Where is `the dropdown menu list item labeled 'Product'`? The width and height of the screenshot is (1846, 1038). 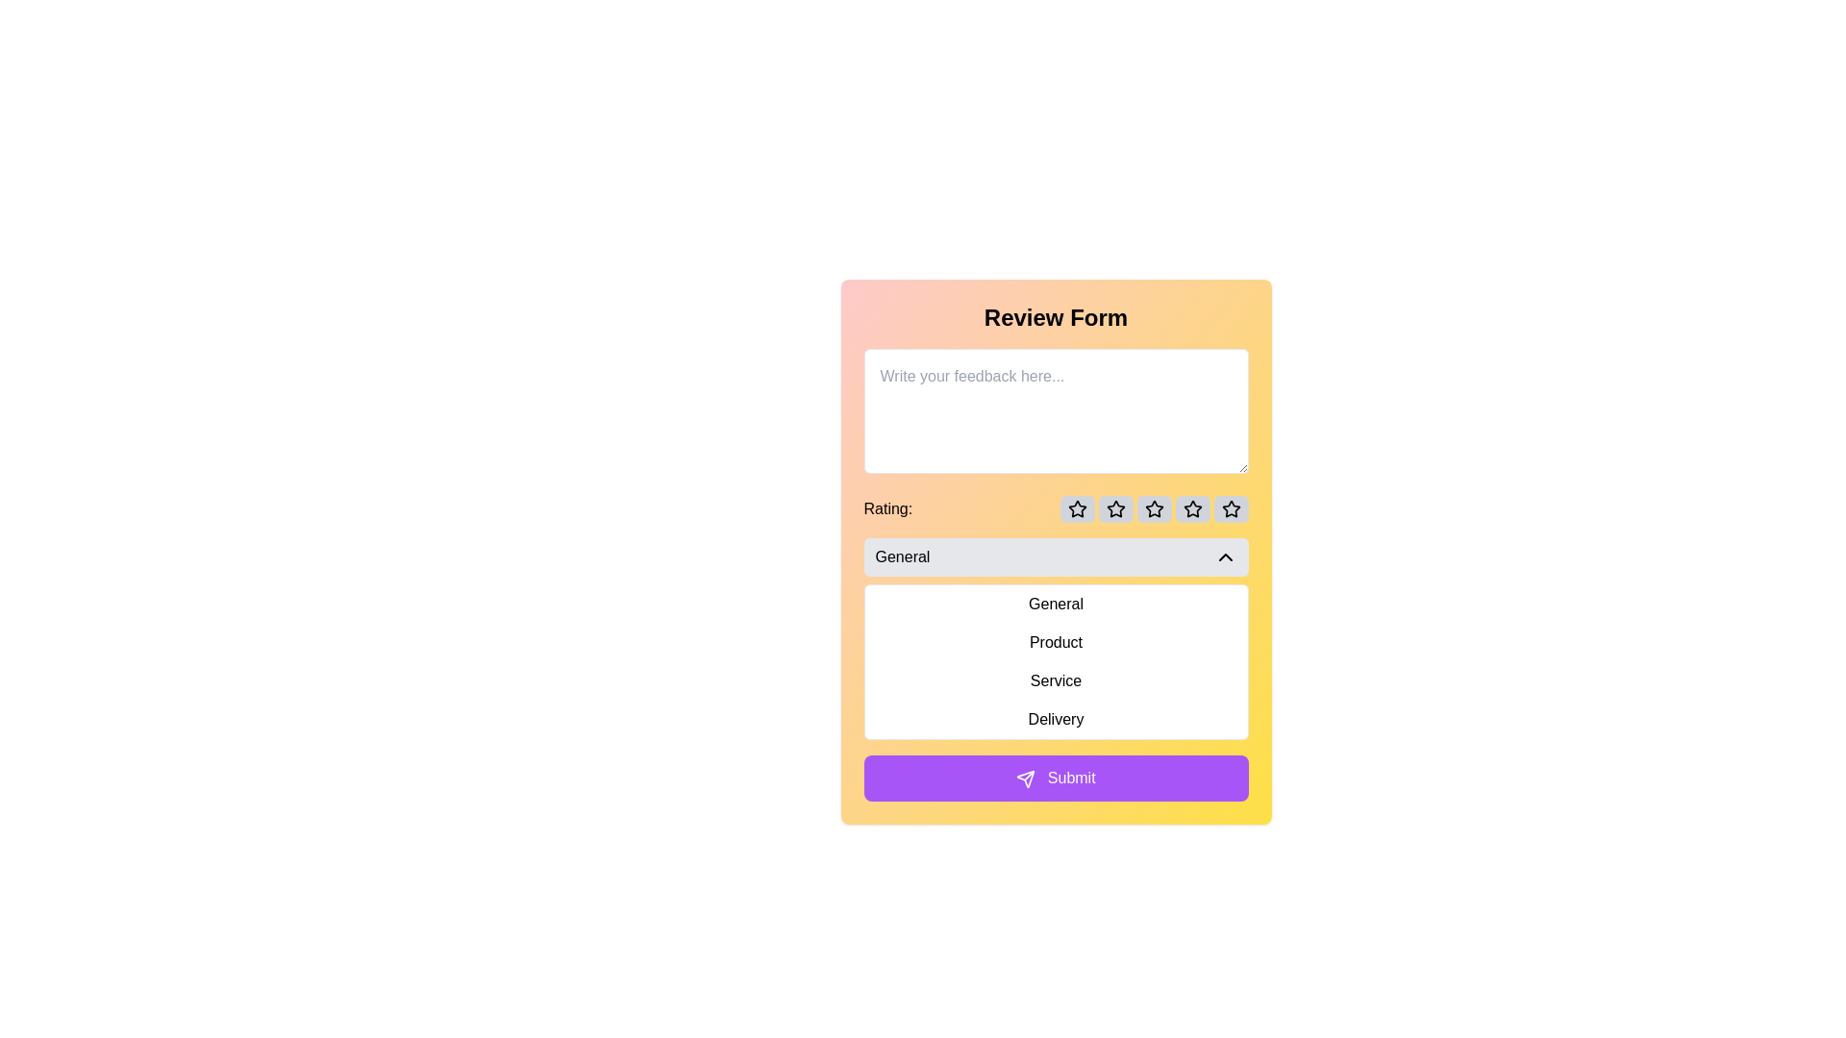 the dropdown menu list item labeled 'Product' is located at coordinates (1055, 638).